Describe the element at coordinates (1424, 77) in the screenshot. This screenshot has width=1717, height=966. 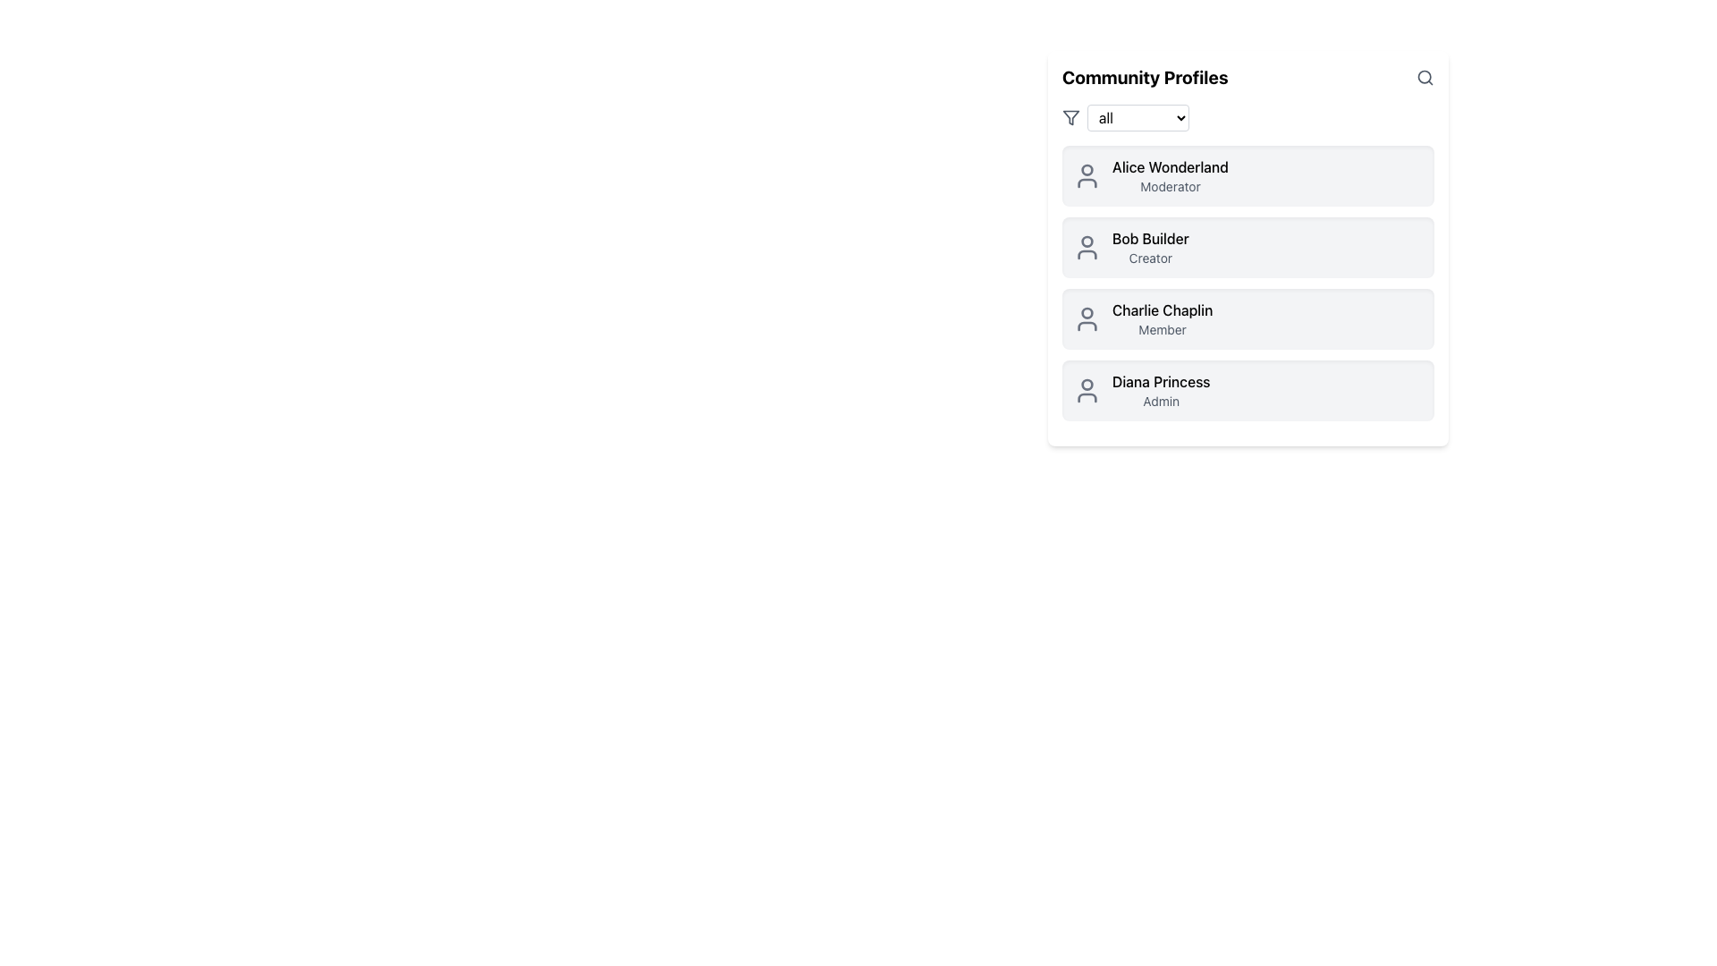
I see `the search icon shaped like a magnifying glass located at the top-right corner of the 'Community Profiles' header` at that location.